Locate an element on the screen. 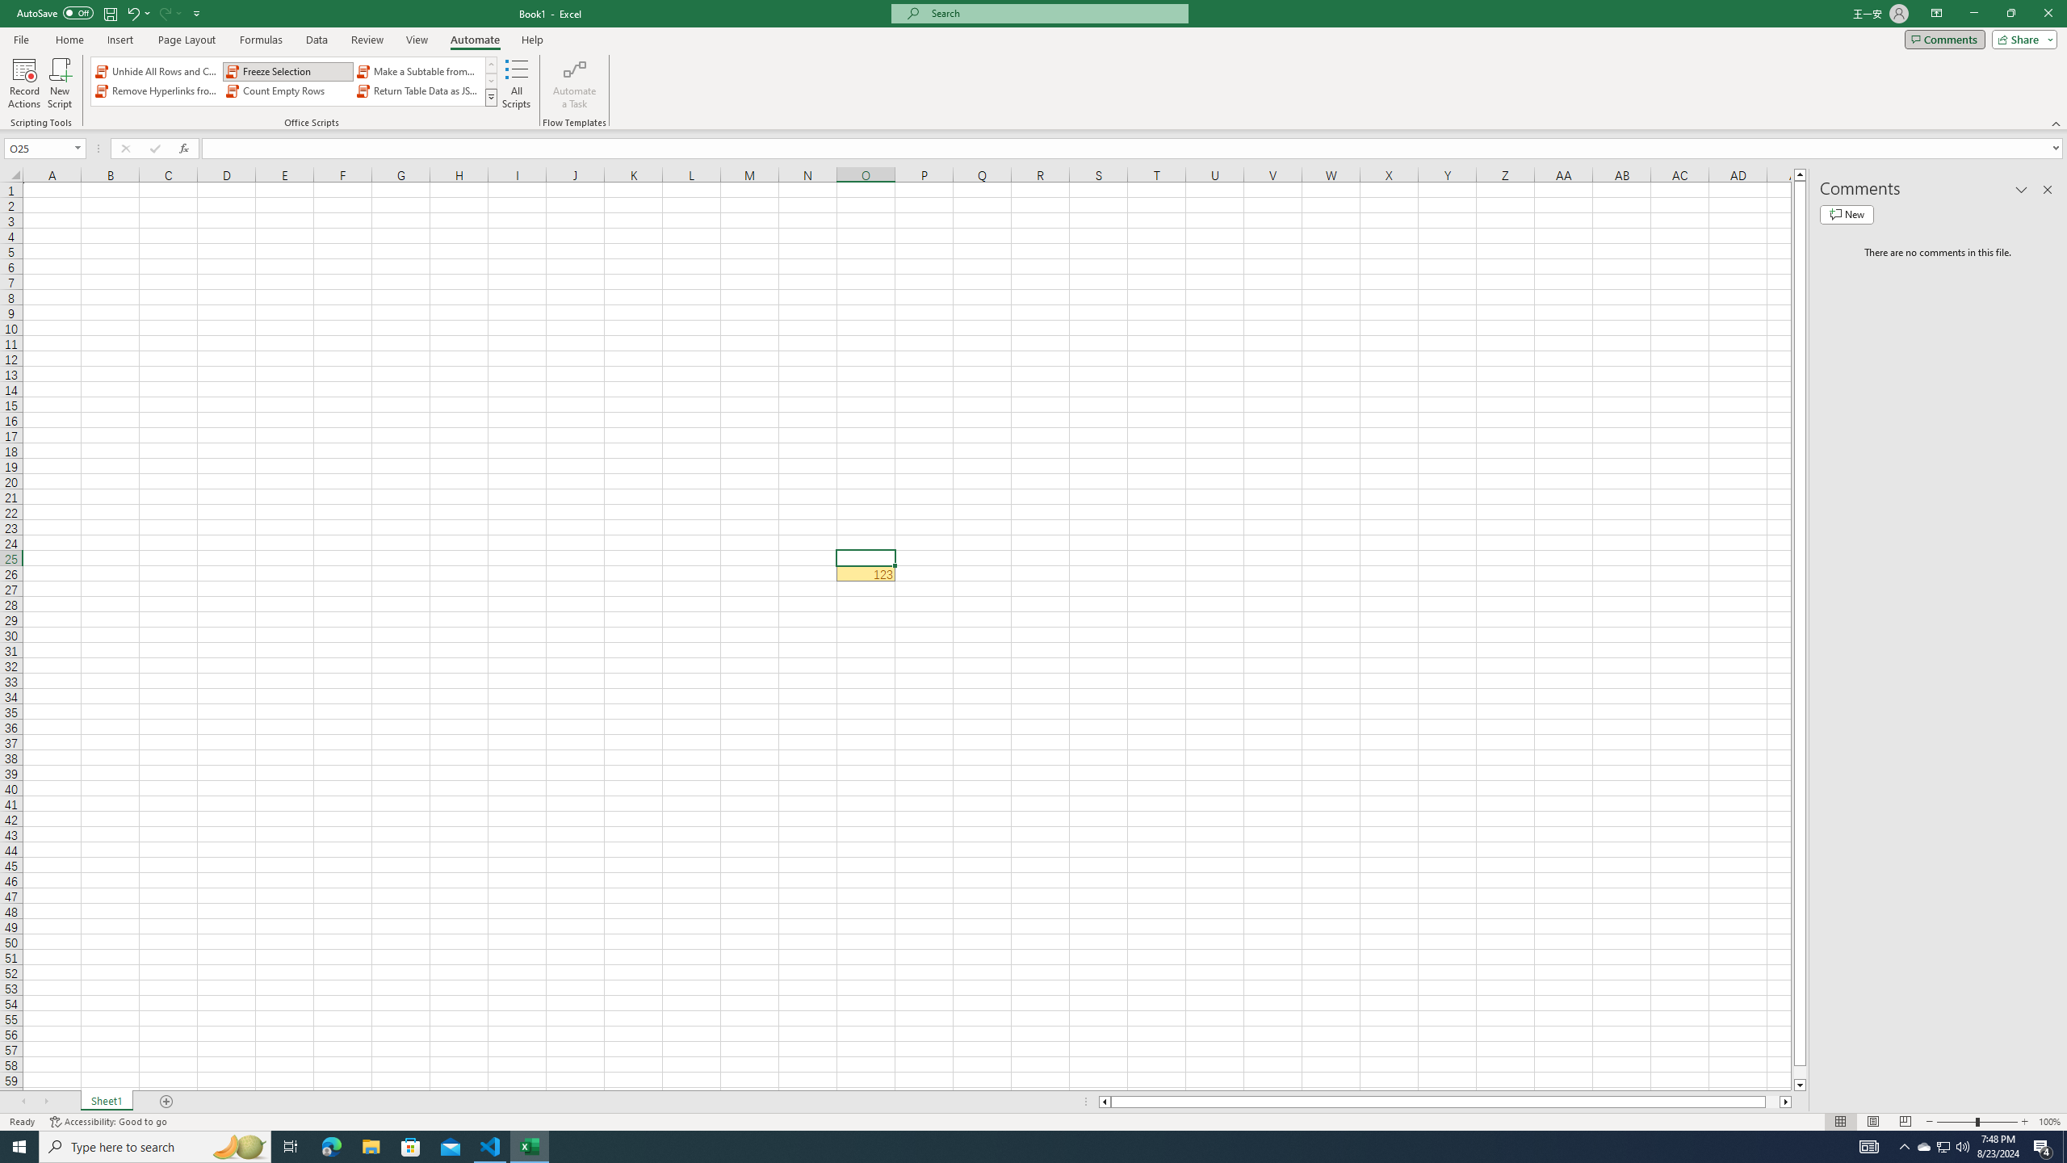  'Insert' is located at coordinates (119, 40).